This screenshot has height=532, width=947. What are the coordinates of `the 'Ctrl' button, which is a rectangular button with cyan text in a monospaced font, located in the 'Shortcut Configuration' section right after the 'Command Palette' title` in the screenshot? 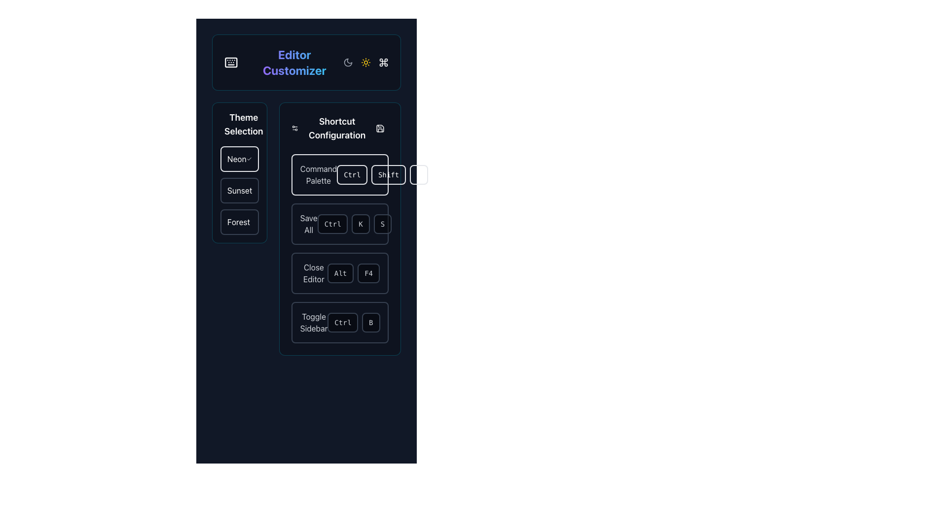 It's located at (340, 174).